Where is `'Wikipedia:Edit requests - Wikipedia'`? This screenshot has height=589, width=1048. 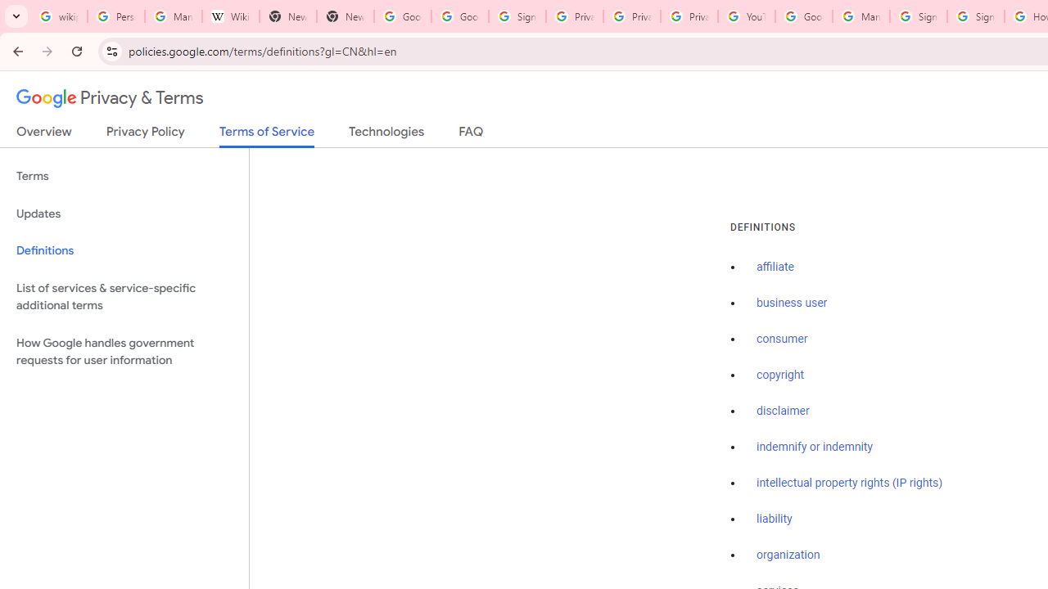
'Wikipedia:Edit requests - Wikipedia' is located at coordinates (230, 16).